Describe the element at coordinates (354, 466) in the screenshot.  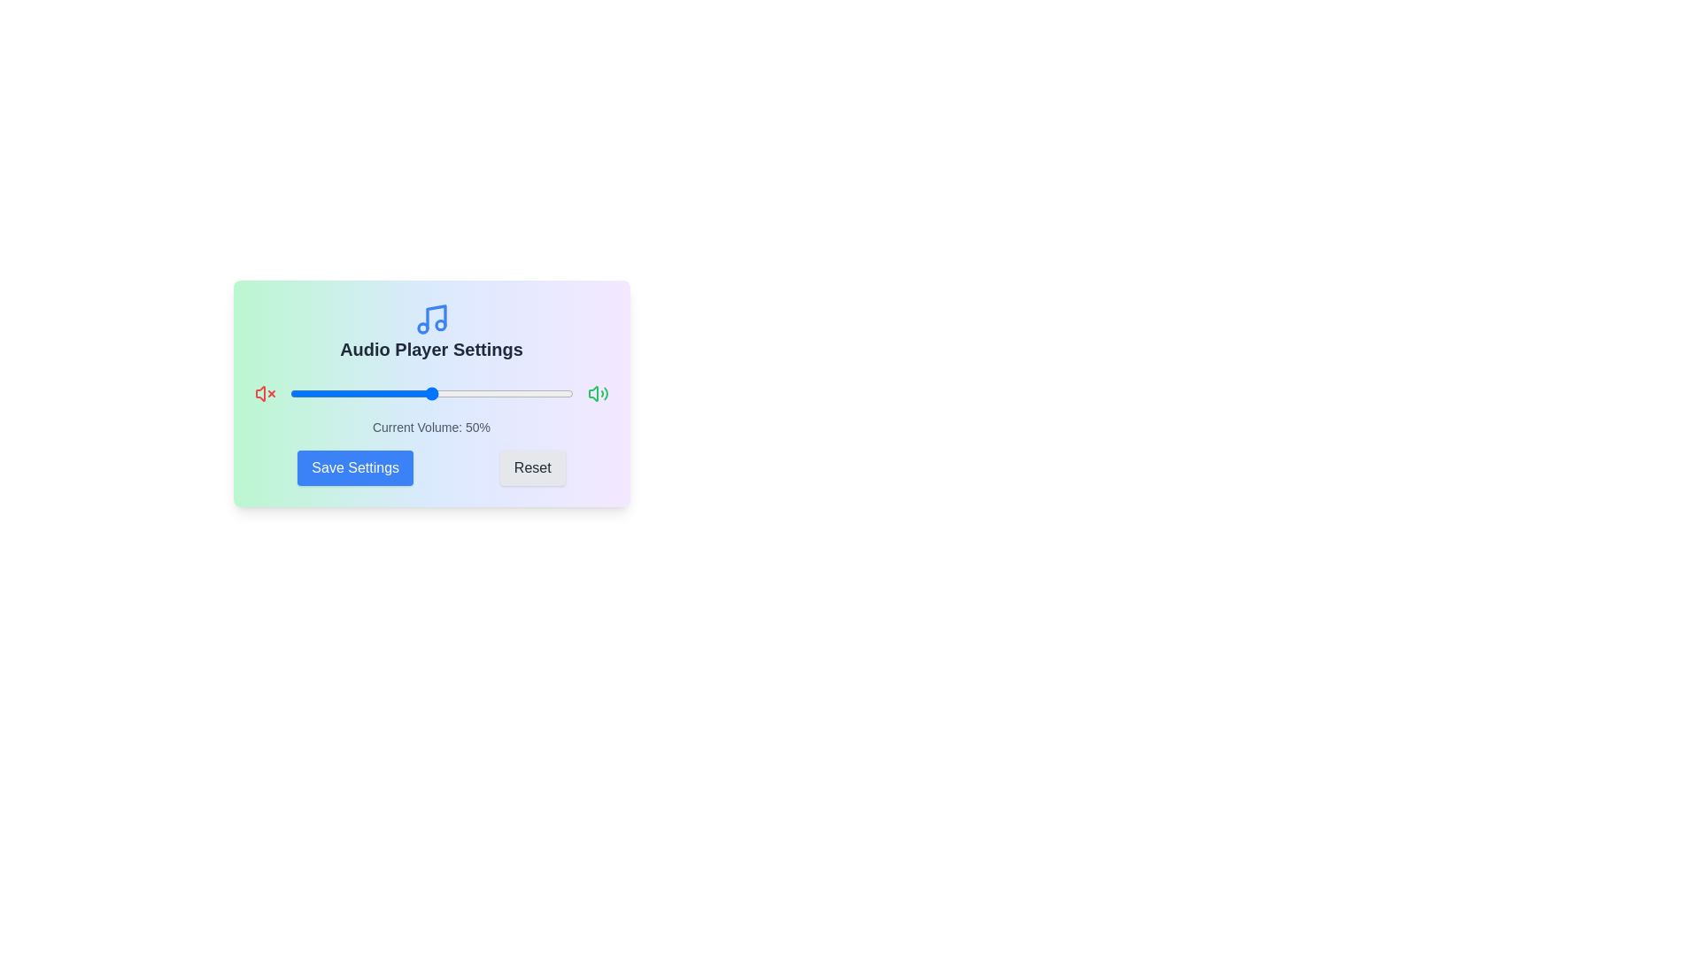
I see `the 'Save' button located at the bottom-left corner of the modal` at that location.